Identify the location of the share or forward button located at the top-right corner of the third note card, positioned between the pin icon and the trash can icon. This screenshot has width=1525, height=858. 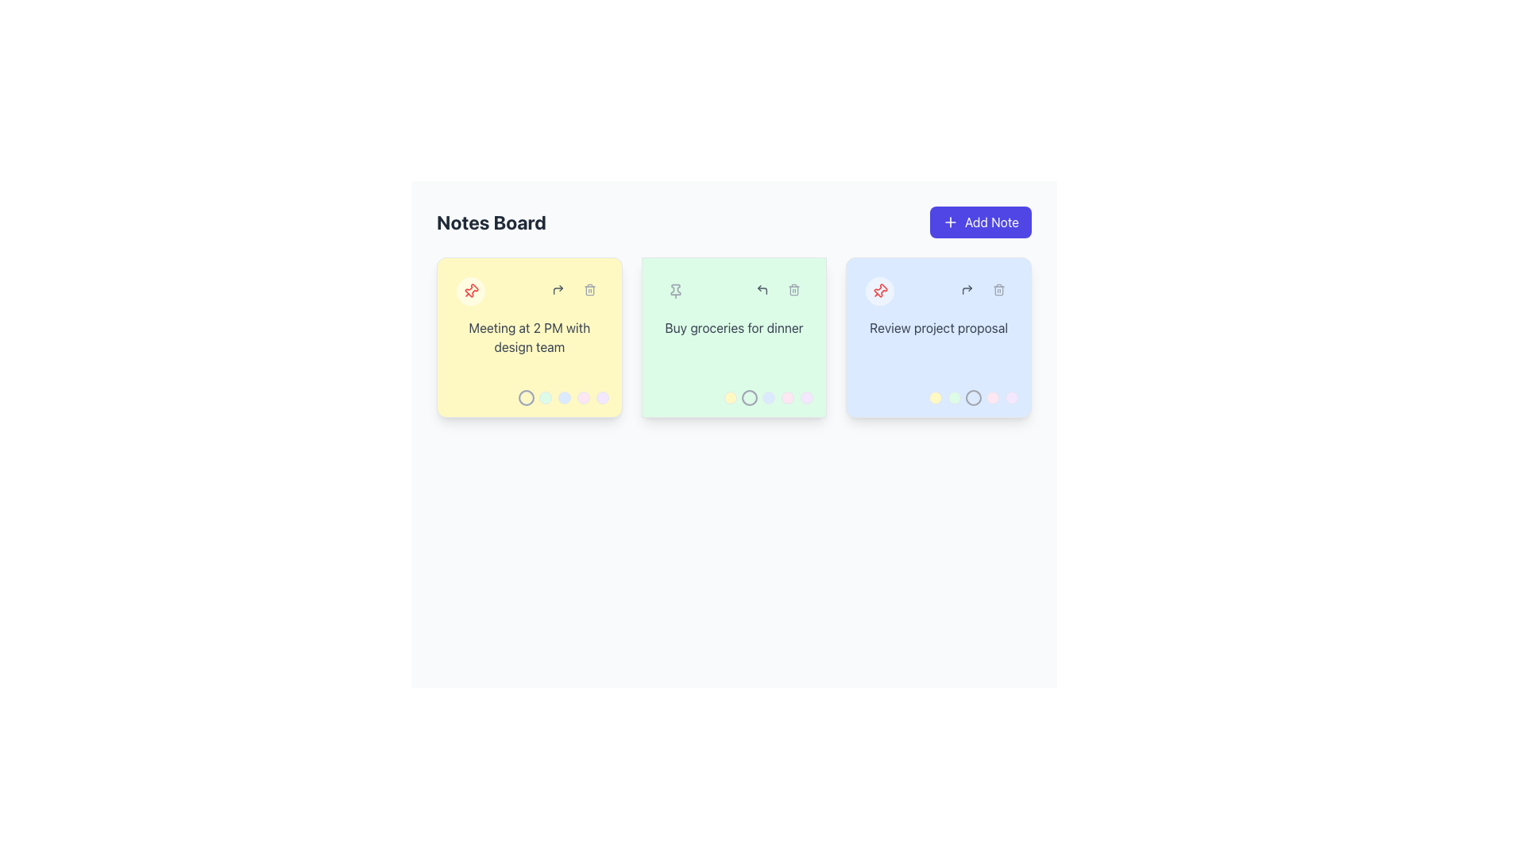
(967, 290).